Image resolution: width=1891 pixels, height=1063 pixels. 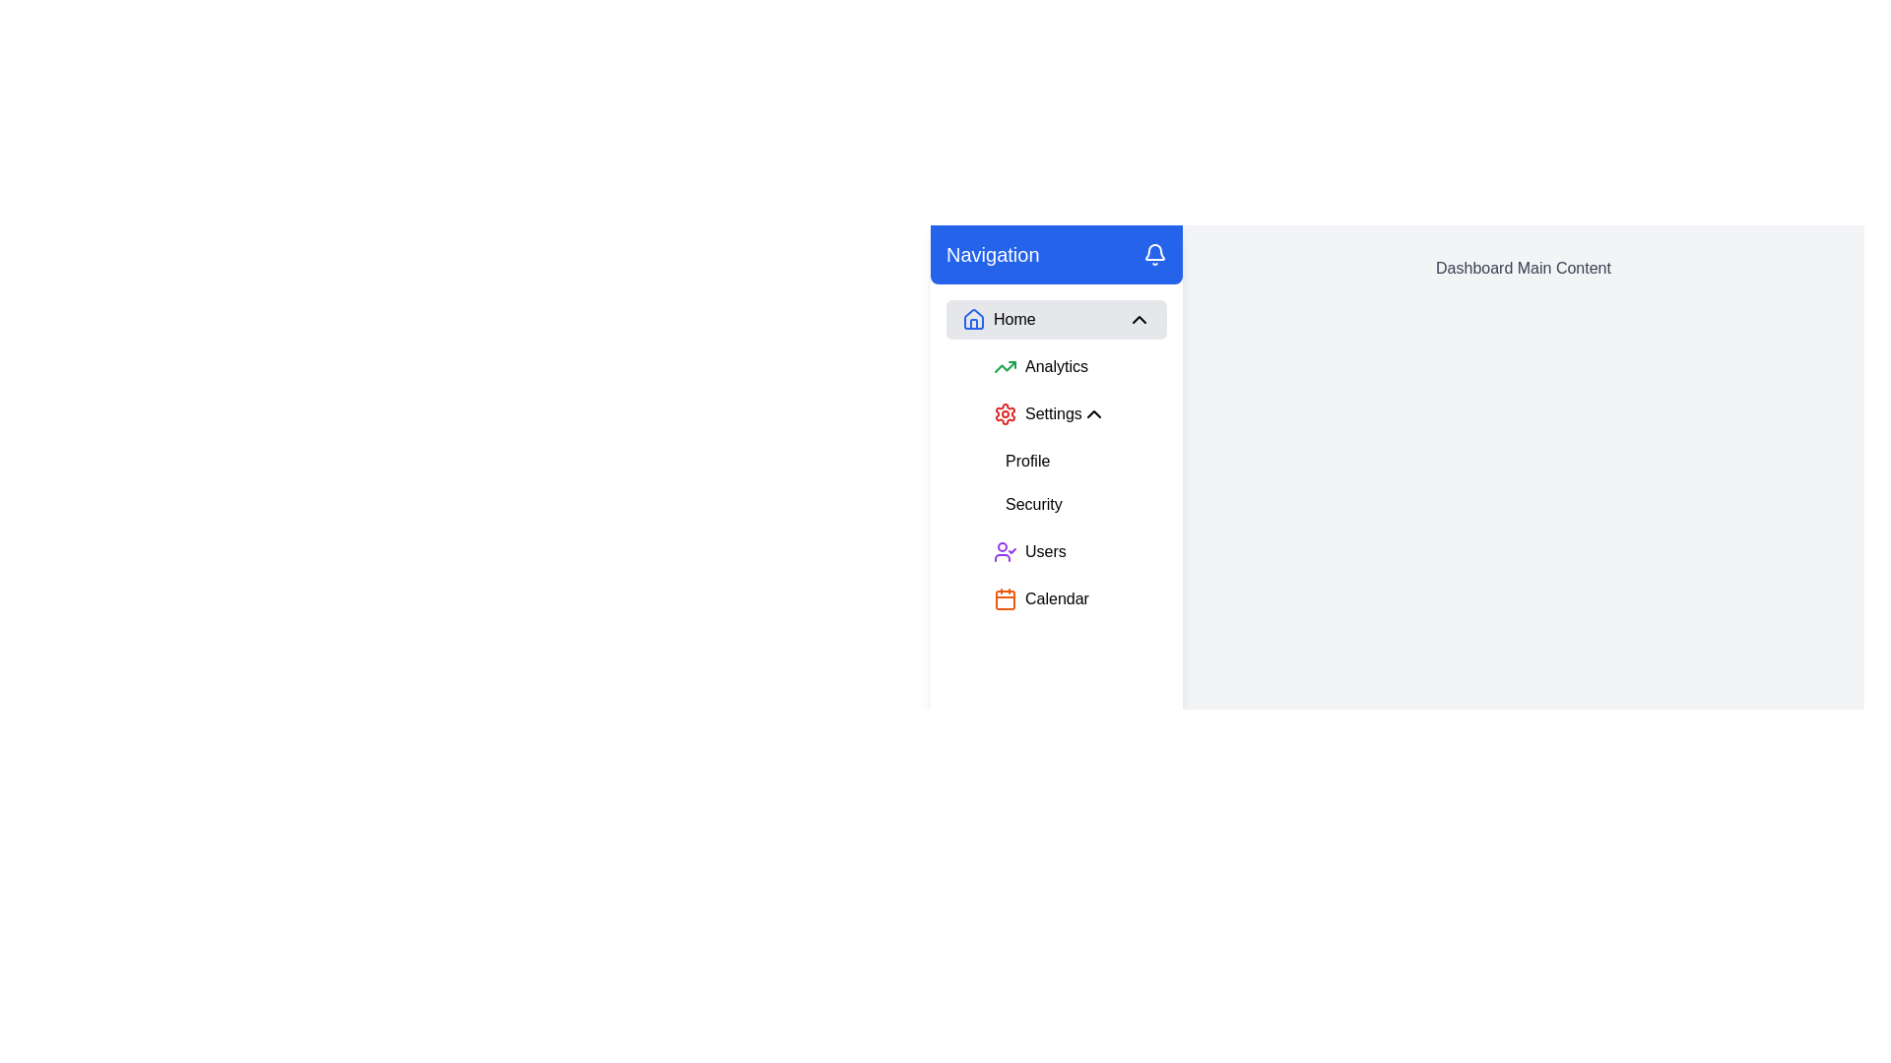 What do you see at coordinates (1040, 598) in the screenshot?
I see `the 'Calendar' button, which is the last item in the vertical sidebar navigation menu, featuring an orange calendar icon and the text 'Calendar'` at bounding box center [1040, 598].